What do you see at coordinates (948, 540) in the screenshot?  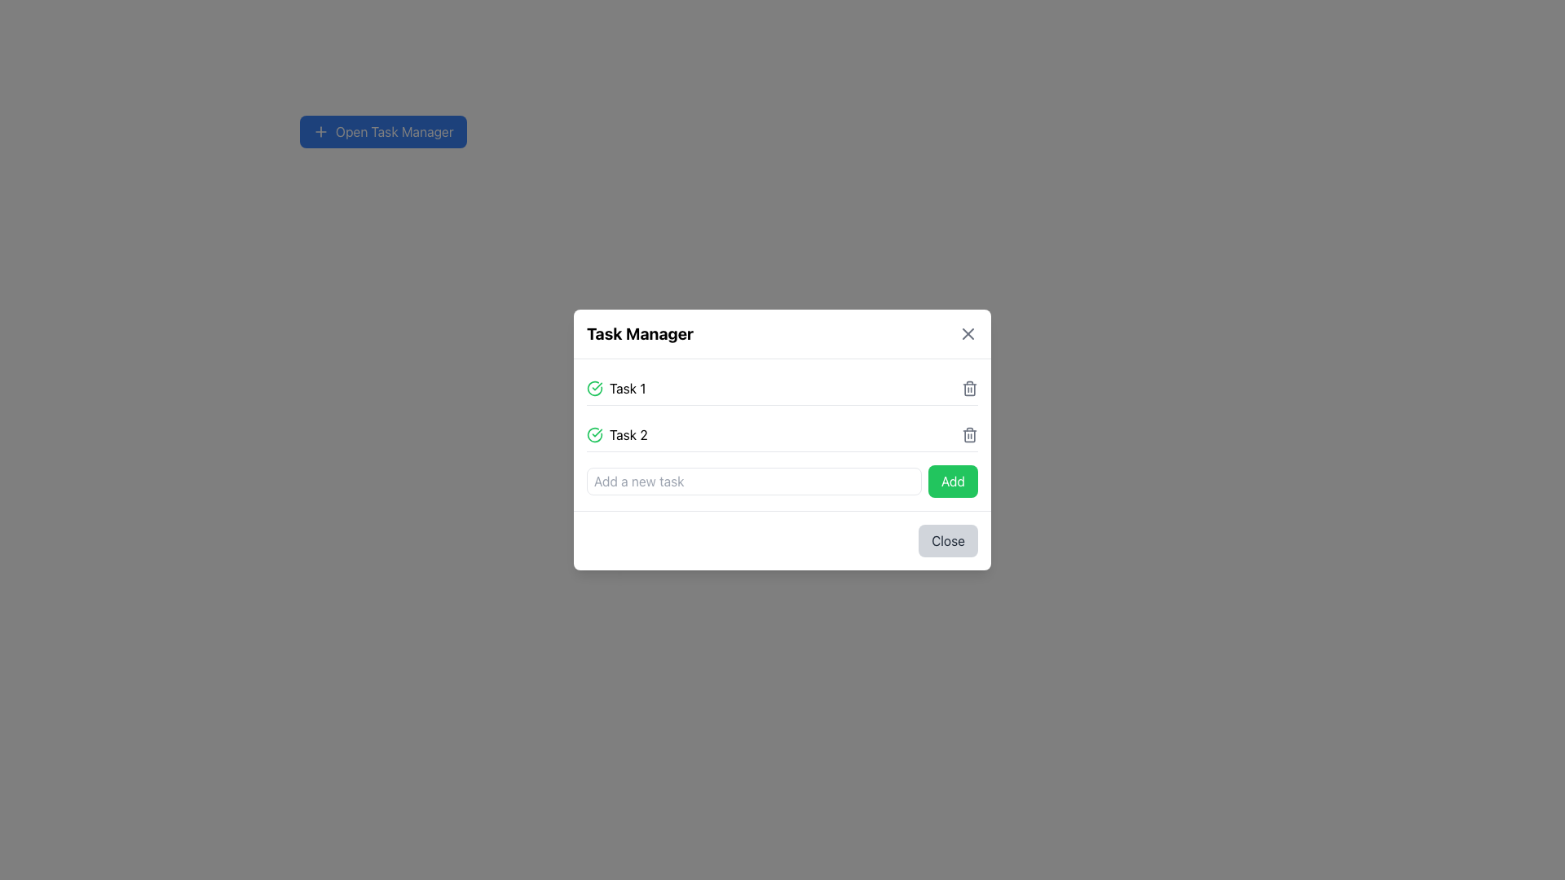 I see `the 'Close' button located in the lower-right corner of the 'Task Manager' modal` at bounding box center [948, 540].